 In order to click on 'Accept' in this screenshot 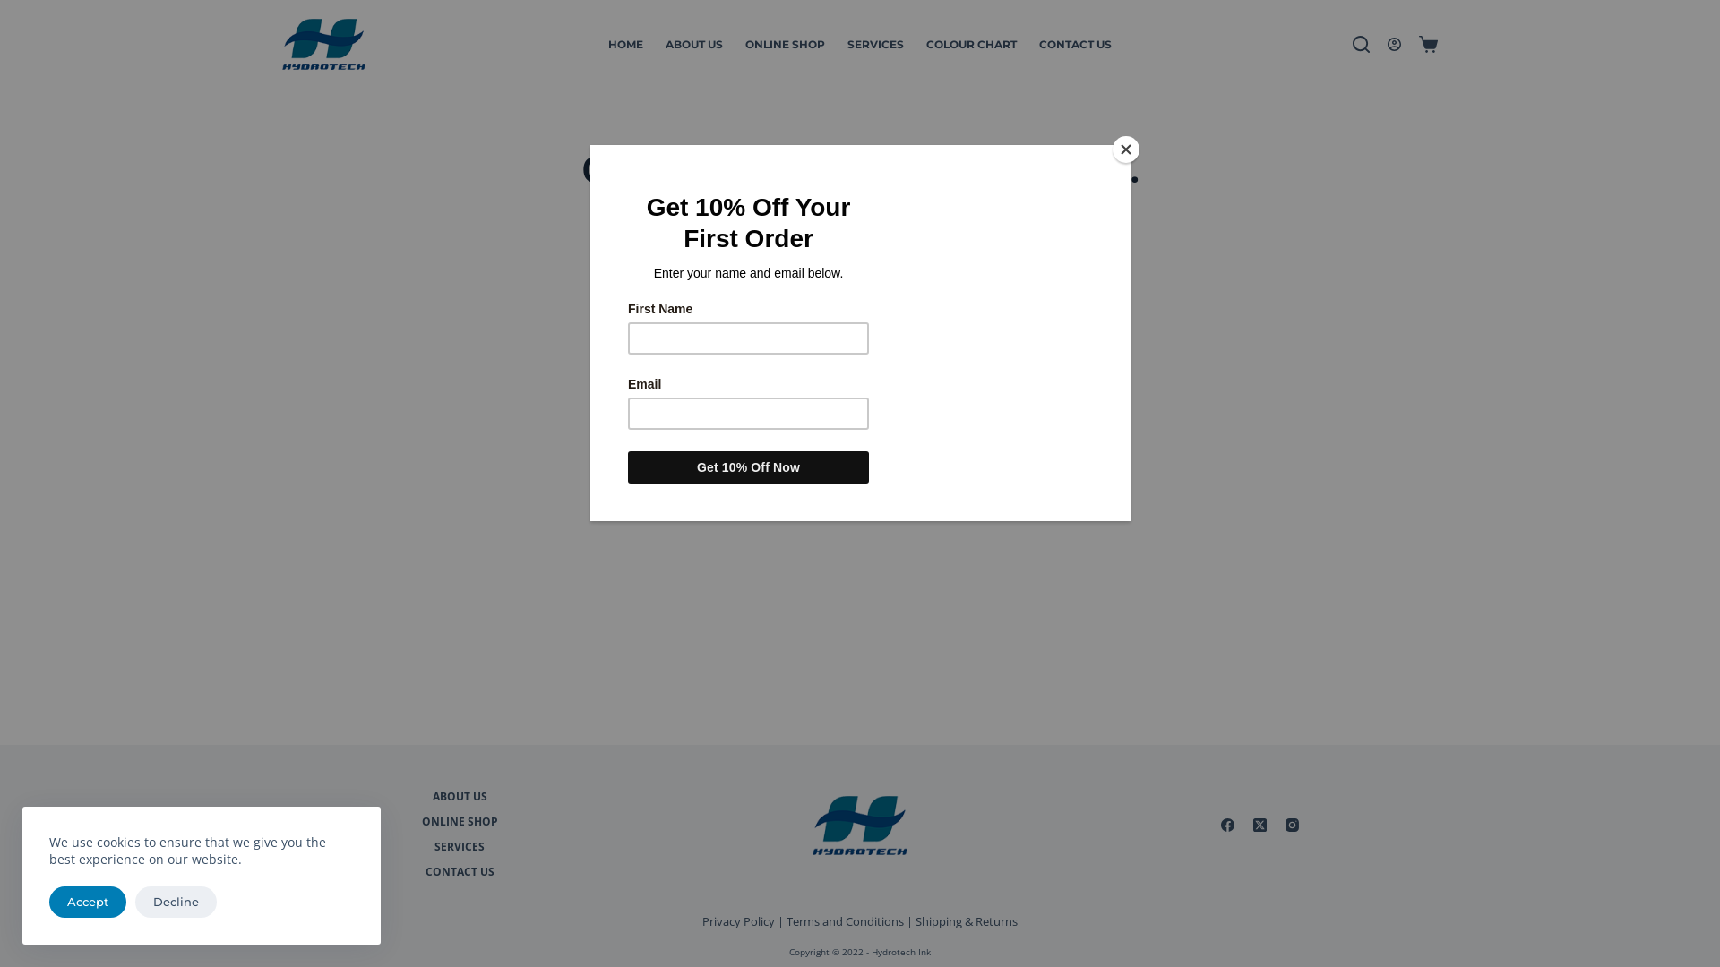, I will do `click(86, 902)`.